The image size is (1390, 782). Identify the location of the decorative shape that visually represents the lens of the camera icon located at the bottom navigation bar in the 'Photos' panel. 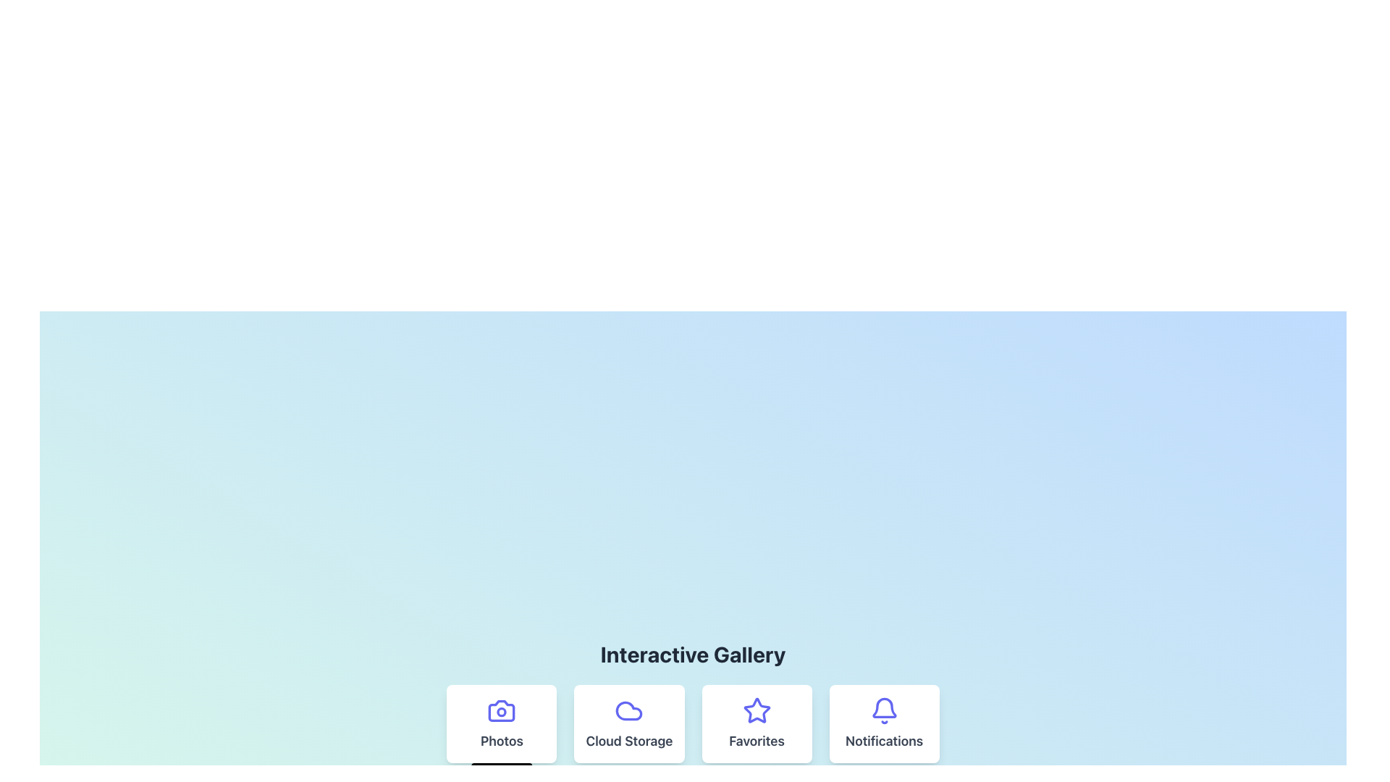
(502, 711).